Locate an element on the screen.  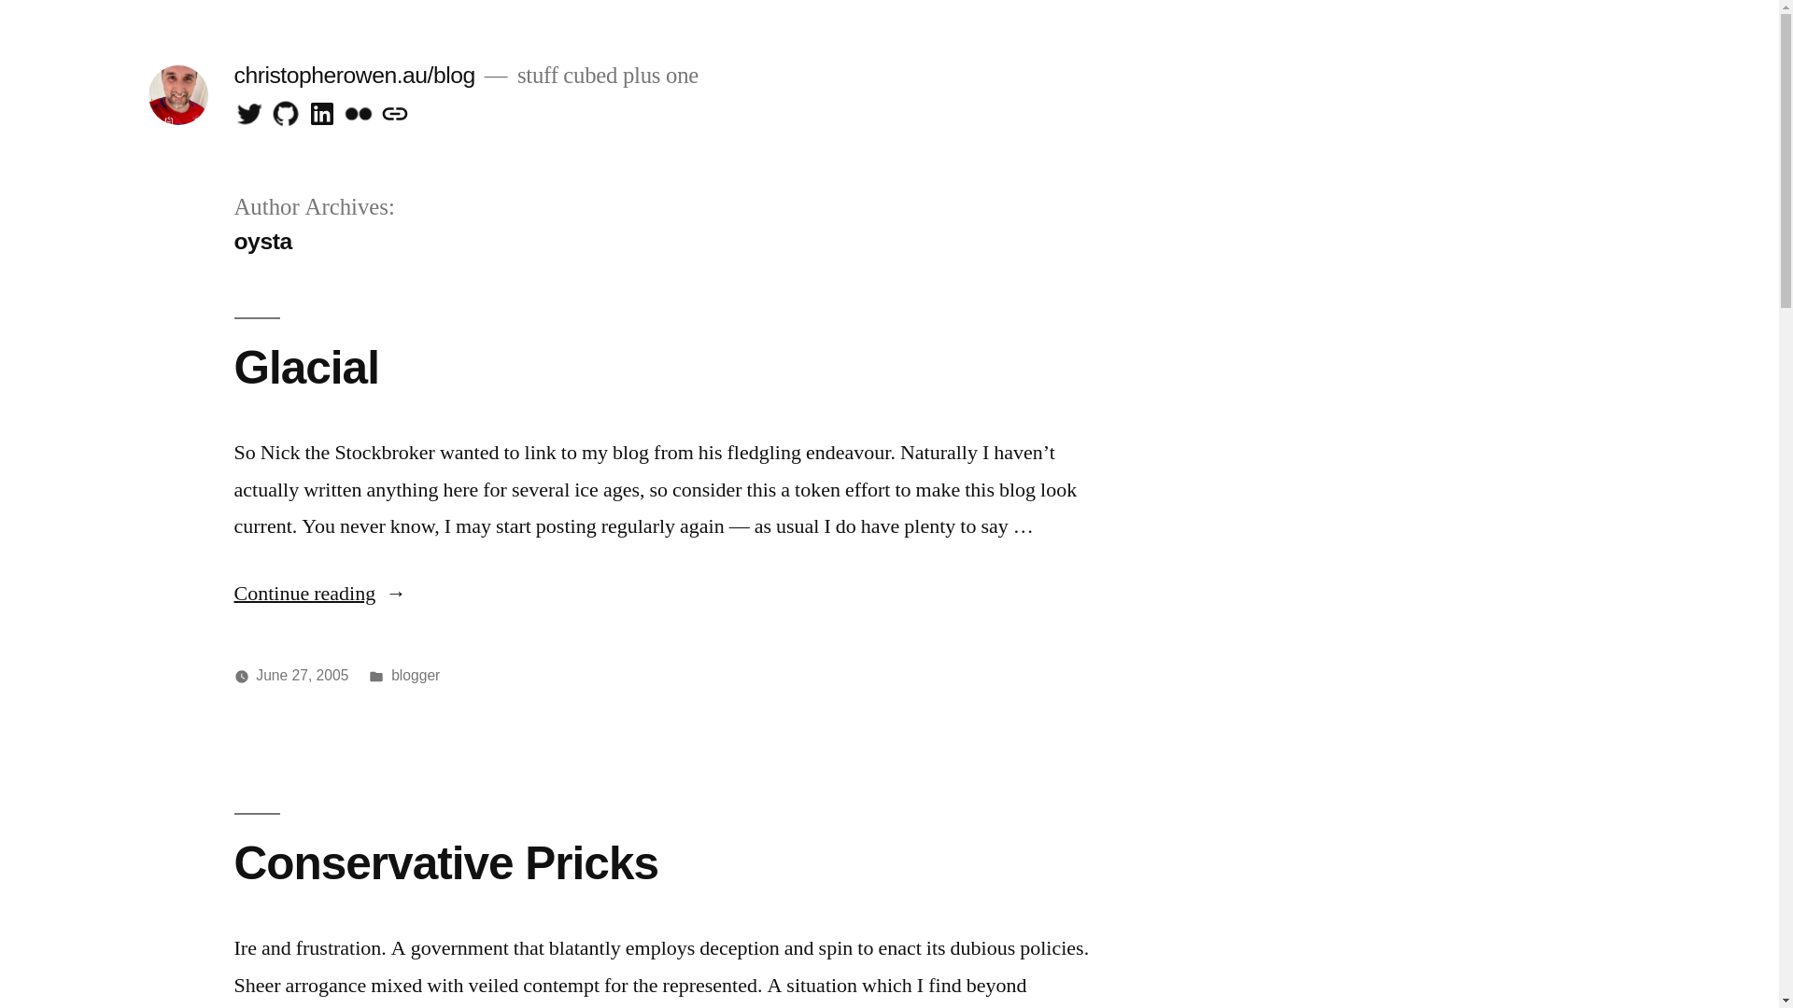
'blogger' is located at coordinates (415, 675).